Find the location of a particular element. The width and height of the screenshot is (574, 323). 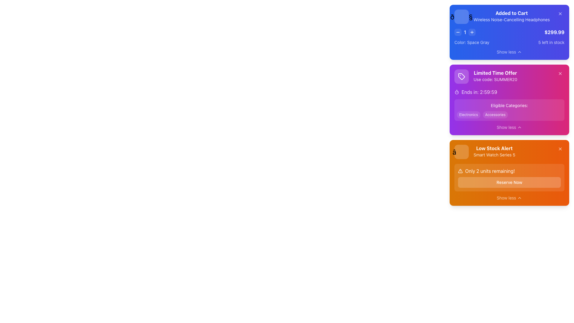

the close button represented by a small 'X' icon with white strokes on a transparent background, located at the top-right corner of the orange 'Low Stock Alert' card is located at coordinates (560, 148).